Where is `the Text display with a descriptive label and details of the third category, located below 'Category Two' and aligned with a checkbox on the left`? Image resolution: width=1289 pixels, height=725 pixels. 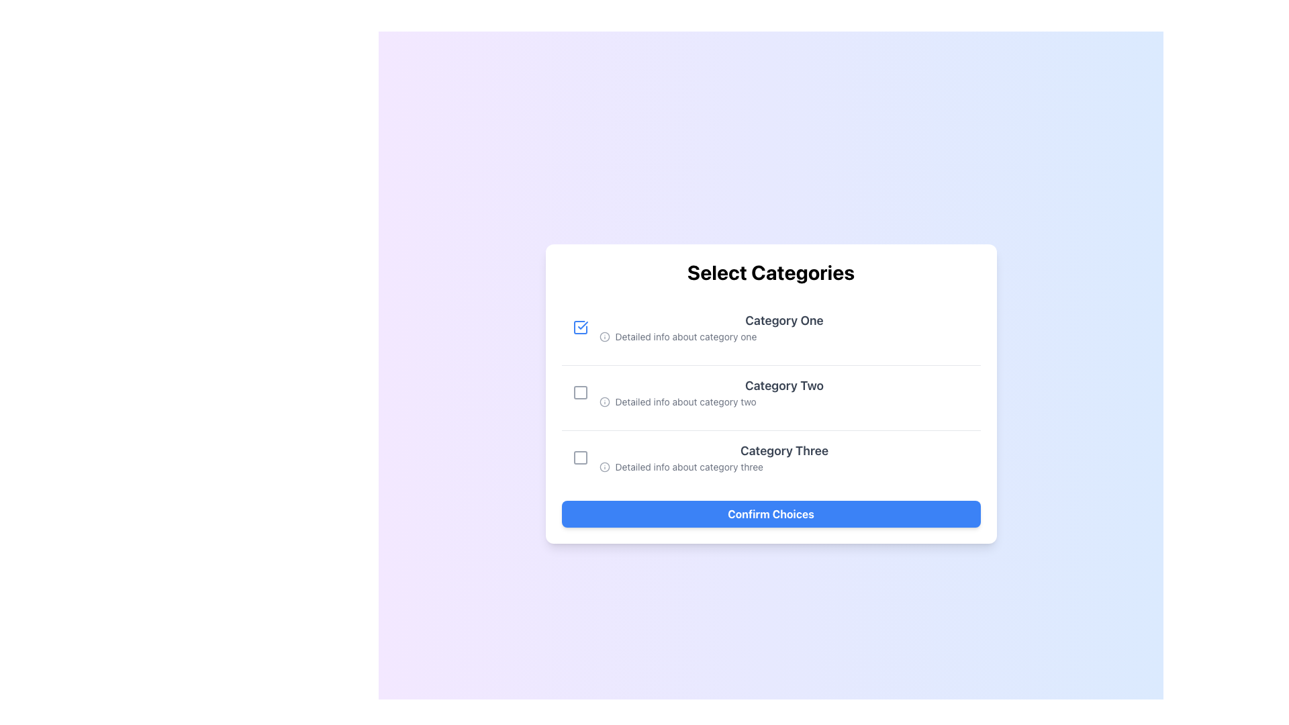
the Text display with a descriptive label and details of the third category, located below 'Category Two' and aligned with a checkbox on the left is located at coordinates (784, 457).